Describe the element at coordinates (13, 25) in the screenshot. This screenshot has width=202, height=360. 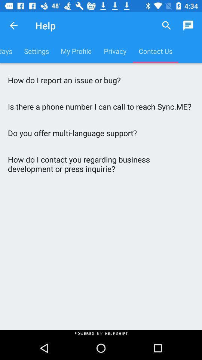
I see `the item next to help` at that location.